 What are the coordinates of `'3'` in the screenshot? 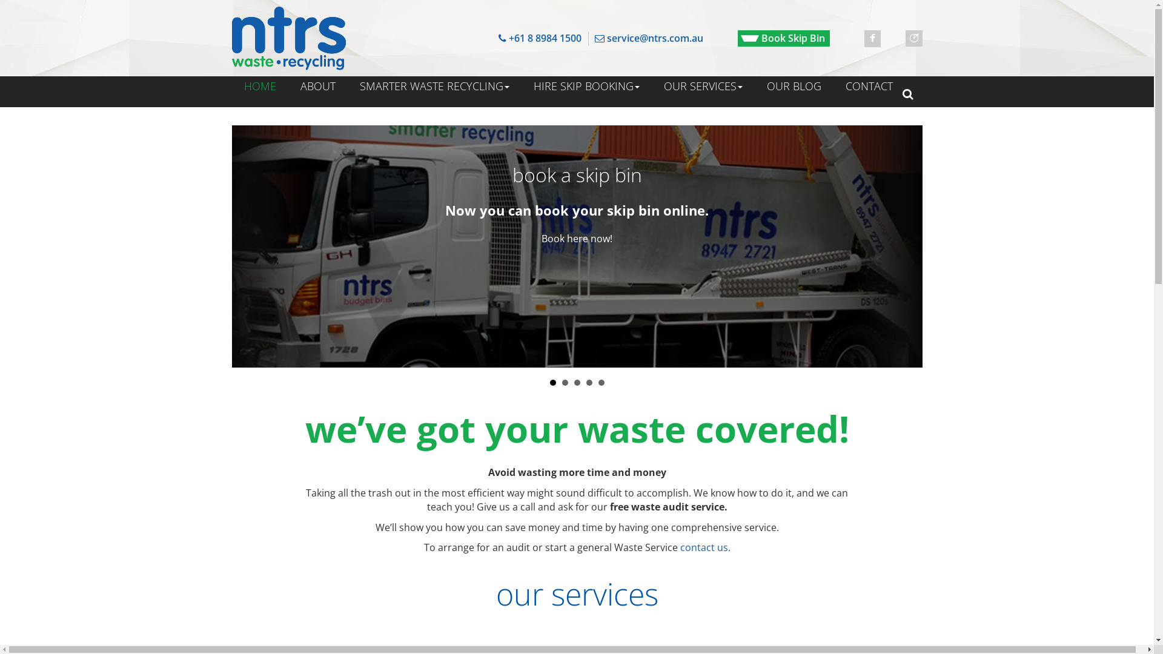 It's located at (574, 383).